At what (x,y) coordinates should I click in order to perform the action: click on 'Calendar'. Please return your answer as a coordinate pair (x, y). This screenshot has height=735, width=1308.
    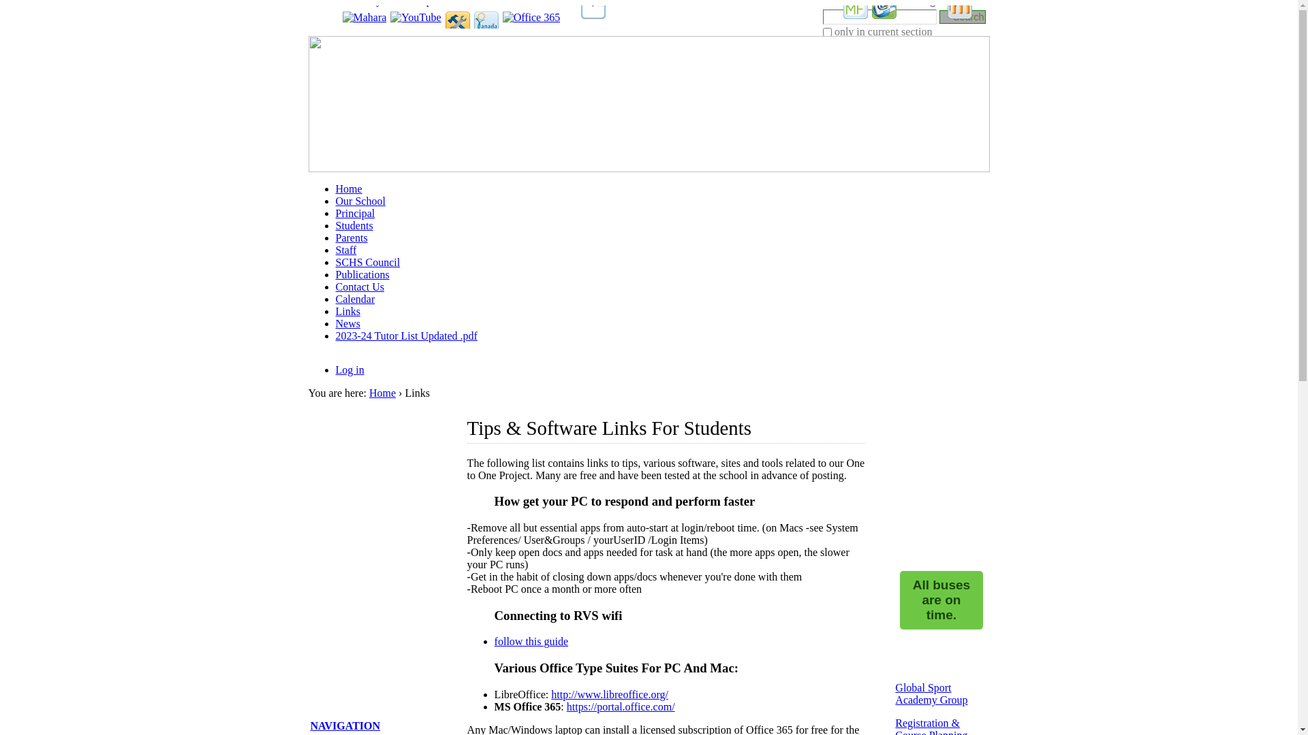
    Looking at the image, I should click on (355, 298).